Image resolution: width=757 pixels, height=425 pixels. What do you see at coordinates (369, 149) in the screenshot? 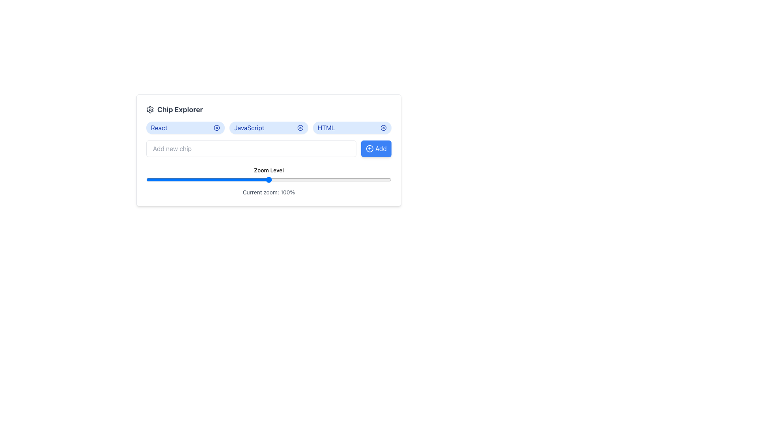
I see `the graphical icon representing the add functionality located on the right side of the 'Add' button with a blue background and white text` at bounding box center [369, 149].